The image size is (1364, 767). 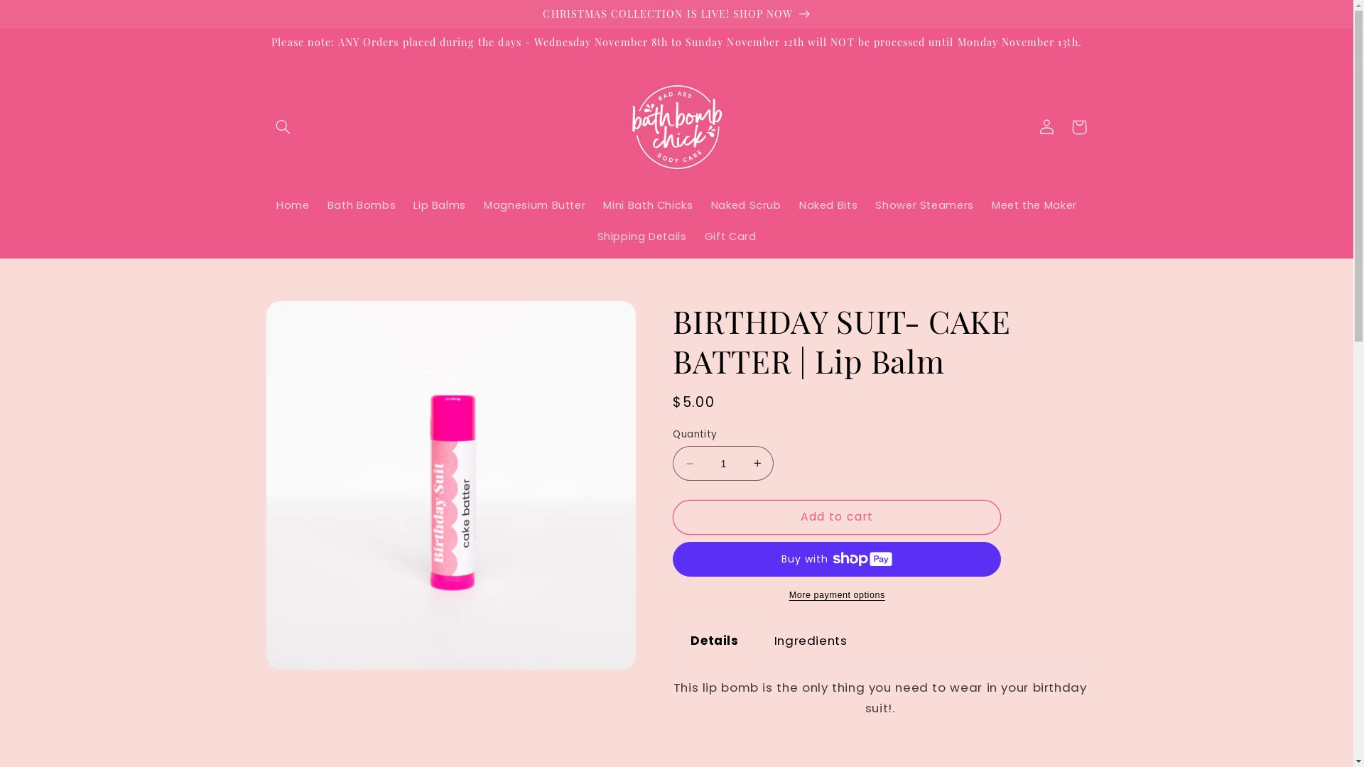 I want to click on 'Decrease quantity for BIRTHDAY SUIT- CAKE BATTER | Lip Balm', so click(x=689, y=463).